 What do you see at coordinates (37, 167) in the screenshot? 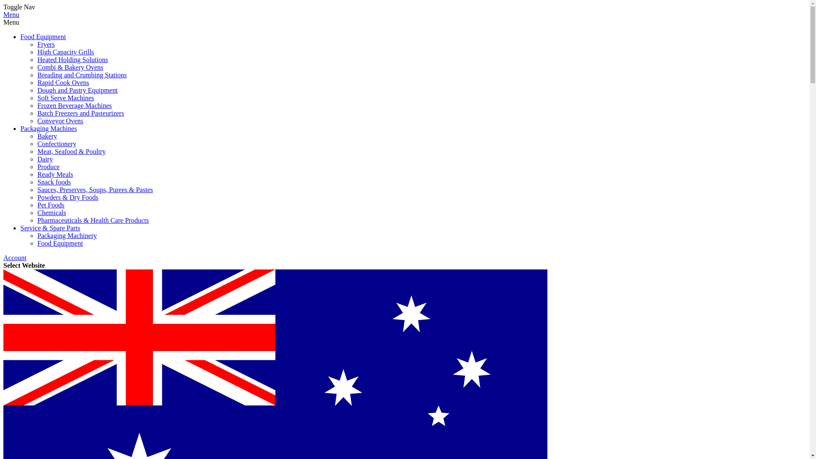
I see `'Produce'` at bounding box center [37, 167].